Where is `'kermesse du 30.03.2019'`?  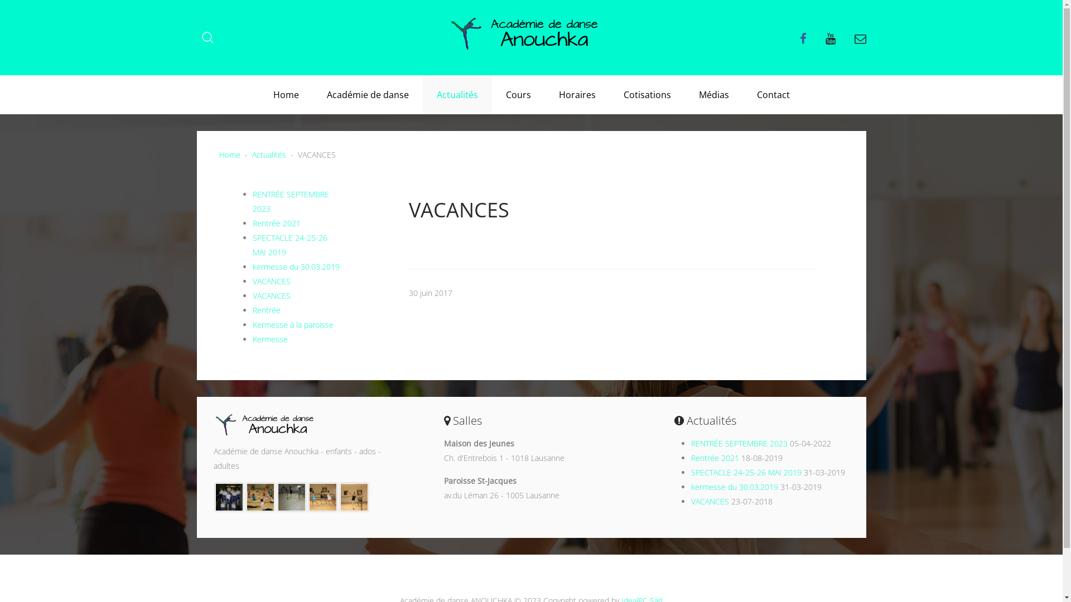
'kermesse du 30.03.2019' is located at coordinates (734, 486).